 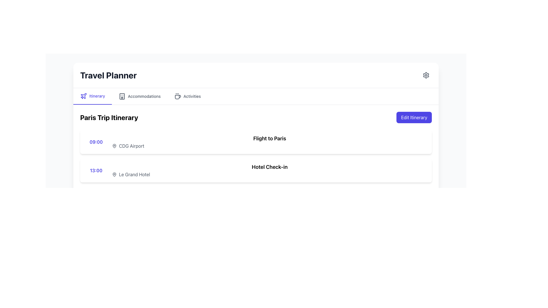 I want to click on the 'Flight to Paris CDG Airport' text label with the associated location pin icon, which is part of the timetable entry under 'Paris Trip Itinerary', so click(x=269, y=141).